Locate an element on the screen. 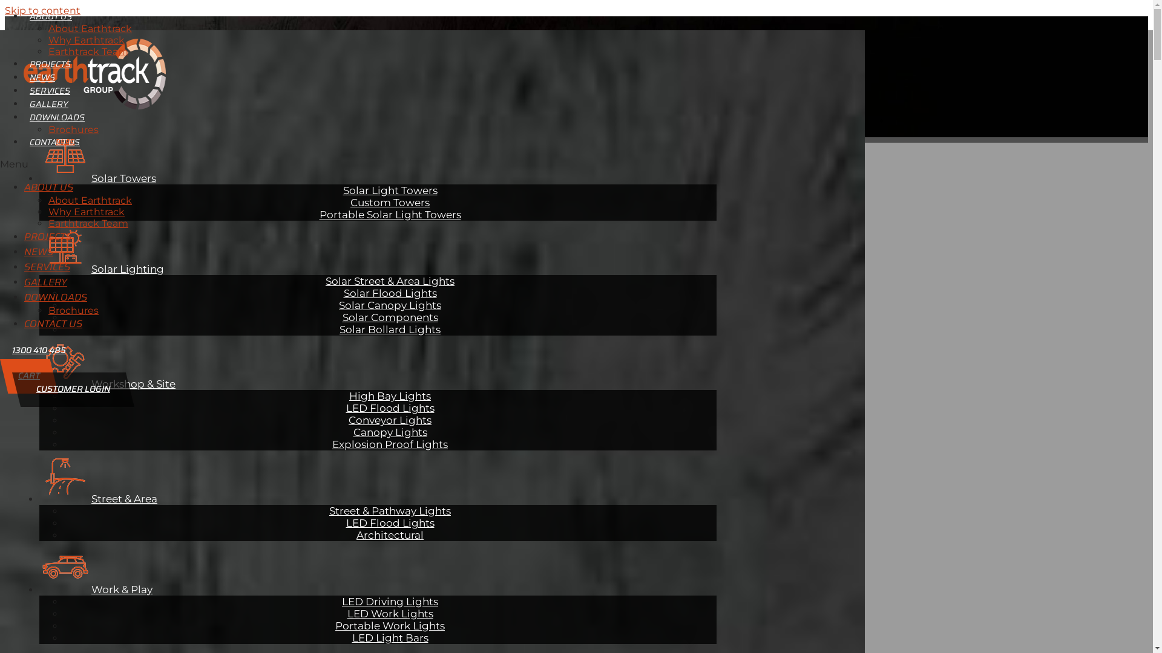  'Solar Components' is located at coordinates (390, 316).